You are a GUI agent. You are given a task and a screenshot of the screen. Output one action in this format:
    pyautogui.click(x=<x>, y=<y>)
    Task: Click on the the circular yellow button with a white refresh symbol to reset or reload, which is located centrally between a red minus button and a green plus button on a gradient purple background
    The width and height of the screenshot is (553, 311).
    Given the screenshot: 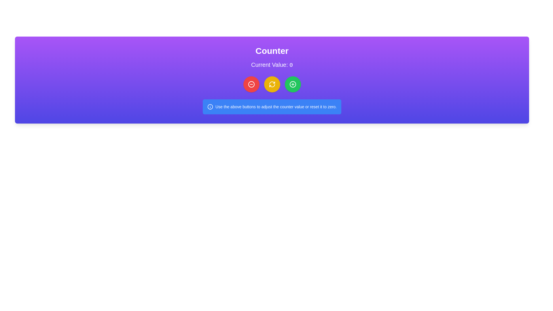 What is the action you would take?
    pyautogui.click(x=272, y=84)
    